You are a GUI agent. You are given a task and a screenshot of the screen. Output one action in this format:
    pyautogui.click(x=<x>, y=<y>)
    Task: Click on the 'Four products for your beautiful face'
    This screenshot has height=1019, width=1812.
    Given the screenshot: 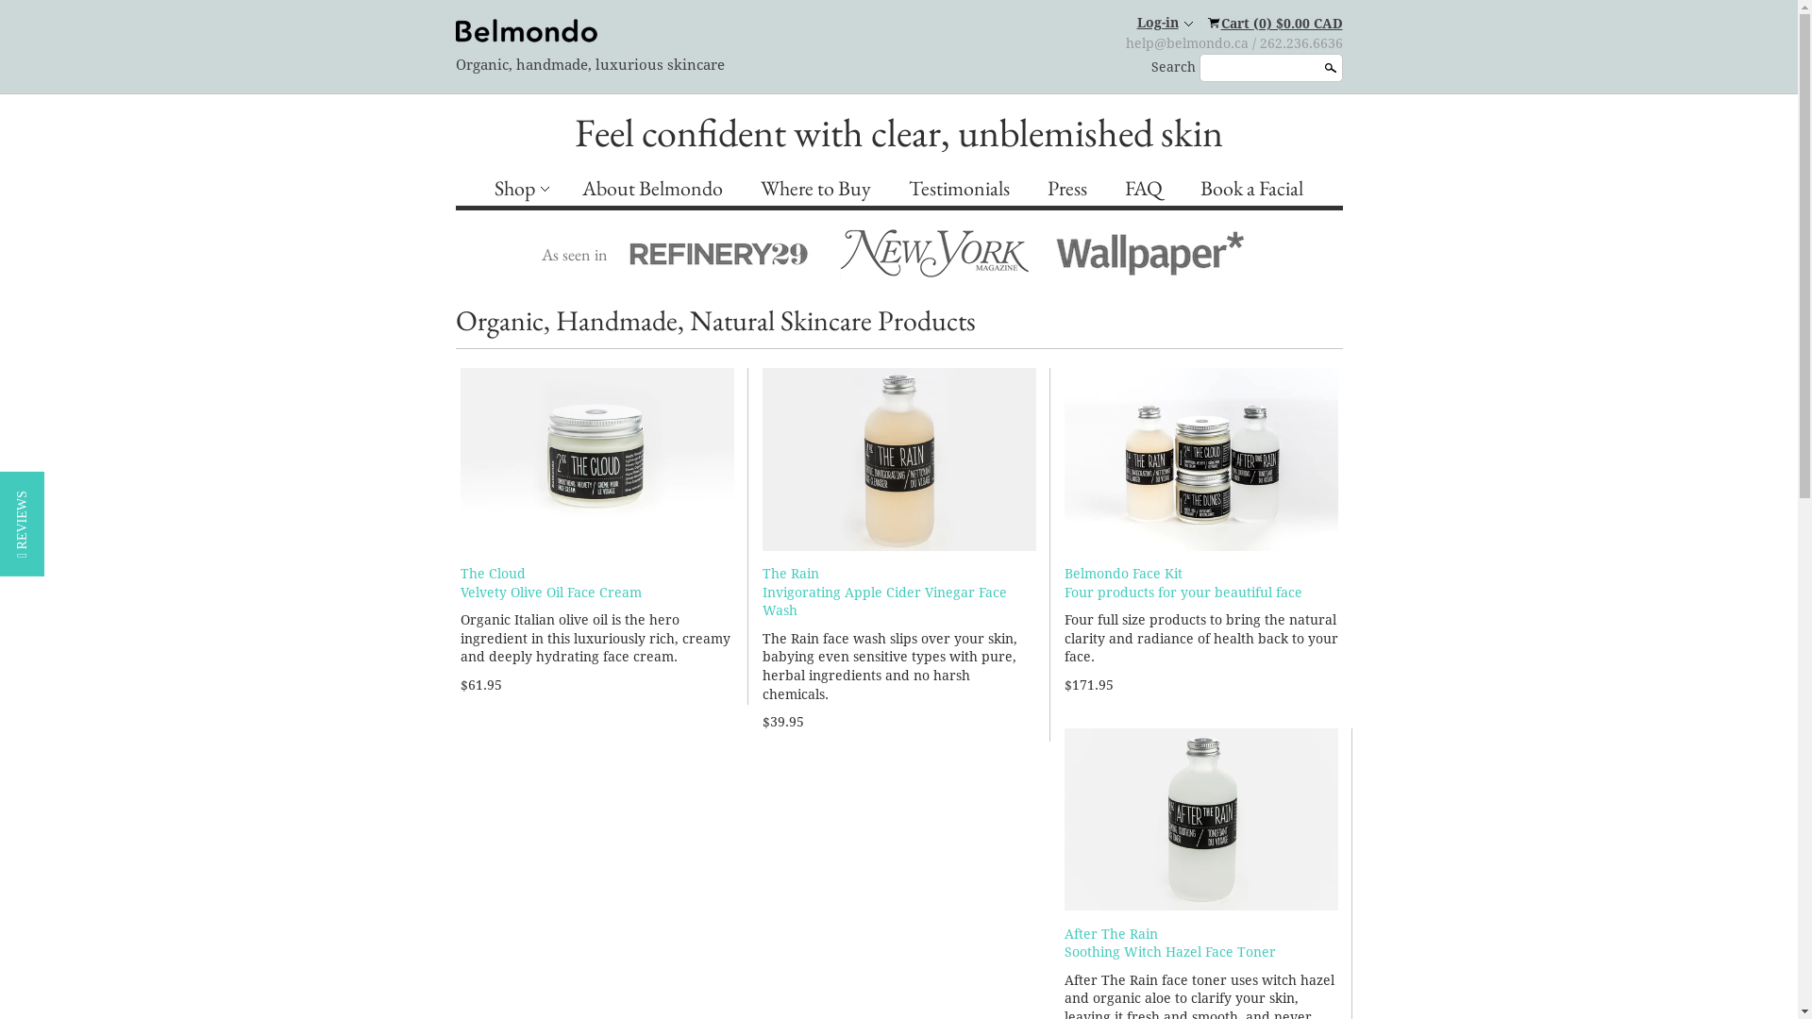 What is the action you would take?
    pyautogui.click(x=1182, y=592)
    